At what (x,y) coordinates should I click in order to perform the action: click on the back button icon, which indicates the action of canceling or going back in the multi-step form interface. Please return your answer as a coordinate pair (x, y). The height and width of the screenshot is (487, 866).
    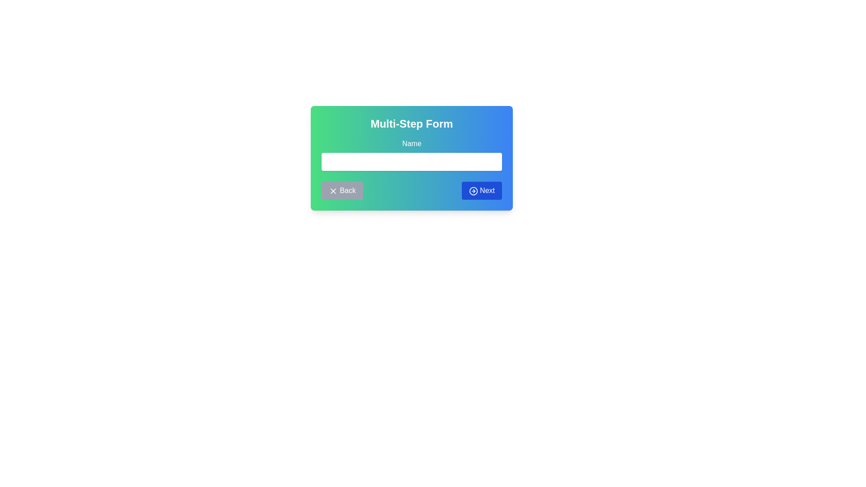
    Looking at the image, I should click on (333, 190).